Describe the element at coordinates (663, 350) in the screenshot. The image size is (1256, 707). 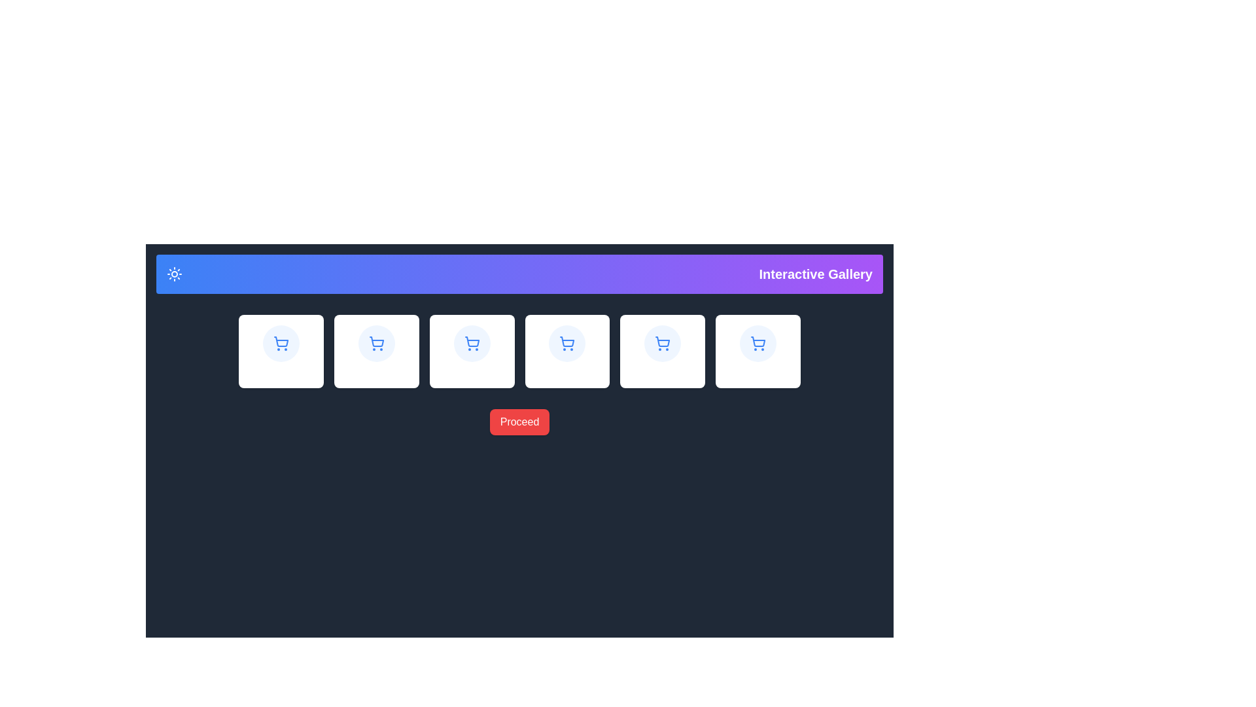
I see `the fifth card labeled 'Moon' in the horizontal grid layout` at that location.